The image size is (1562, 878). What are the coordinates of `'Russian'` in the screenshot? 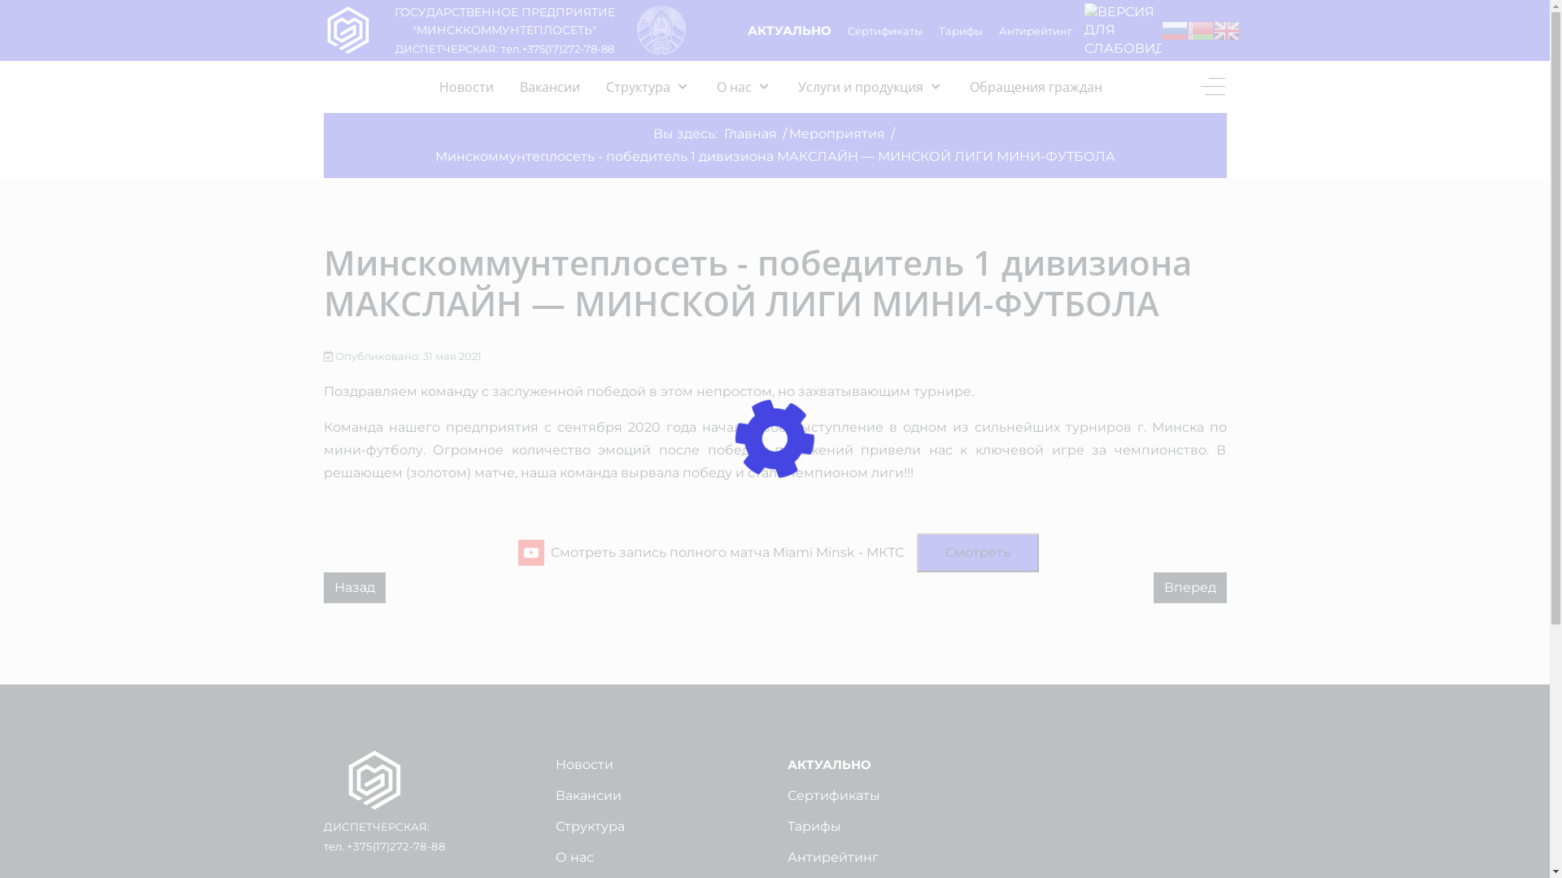 It's located at (1175, 29).